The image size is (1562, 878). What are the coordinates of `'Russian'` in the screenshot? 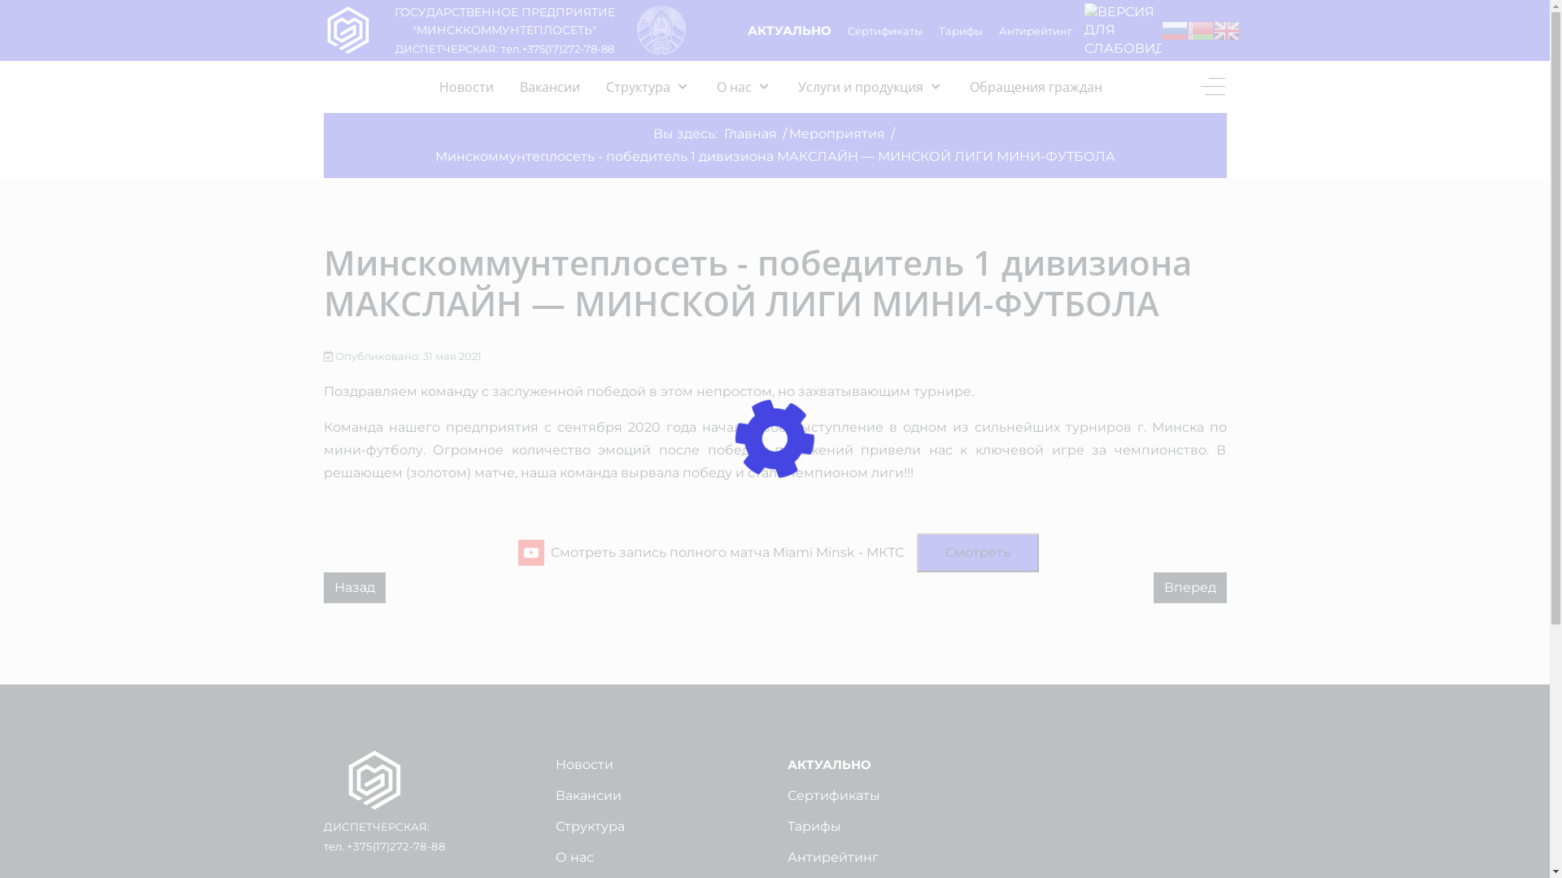 It's located at (1175, 29).